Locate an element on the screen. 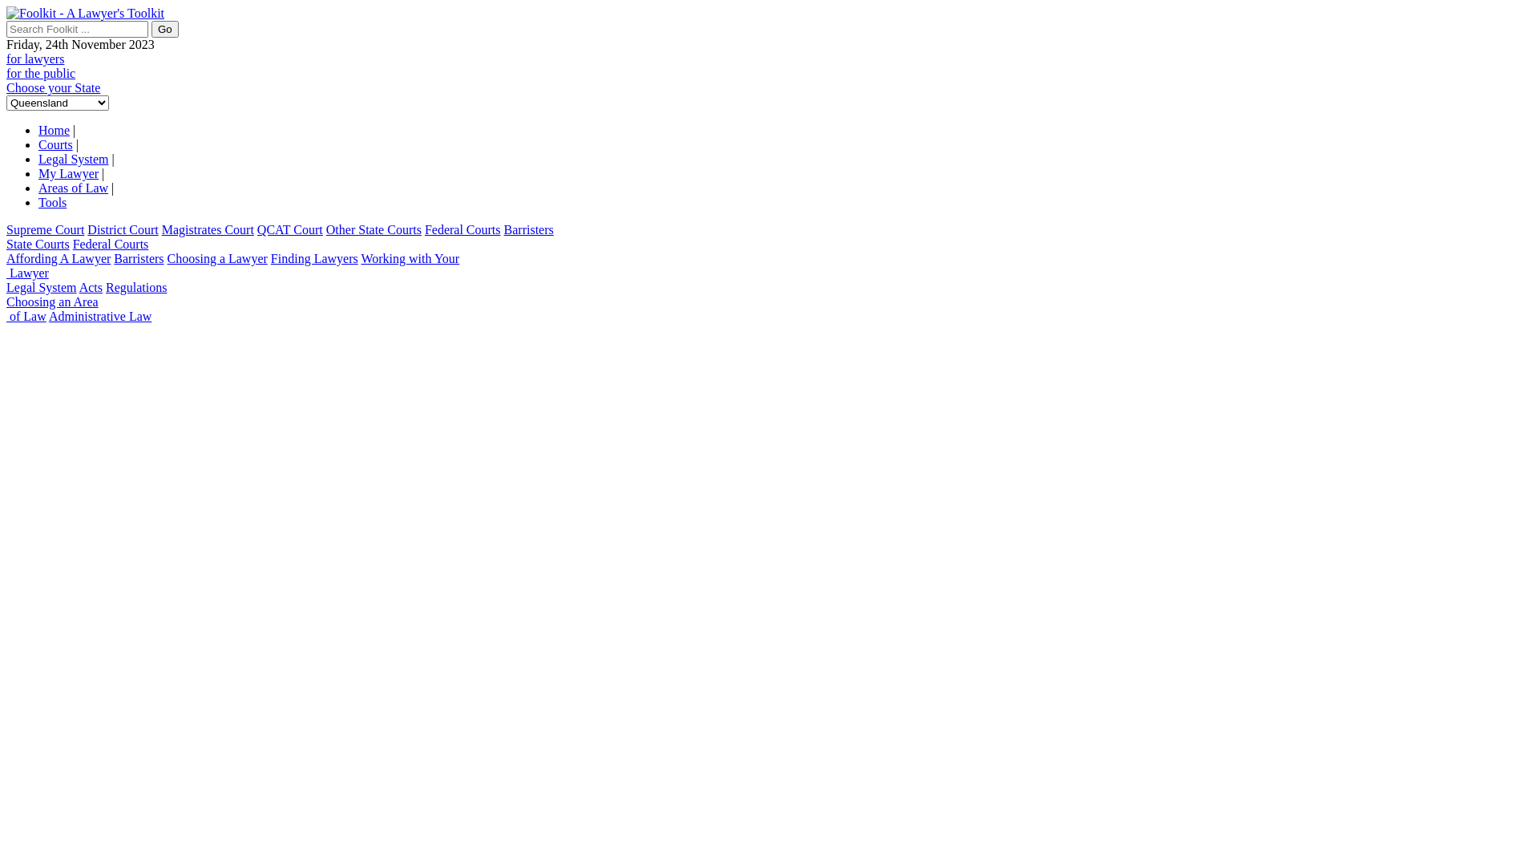  'Regulations' is located at coordinates (105, 286).